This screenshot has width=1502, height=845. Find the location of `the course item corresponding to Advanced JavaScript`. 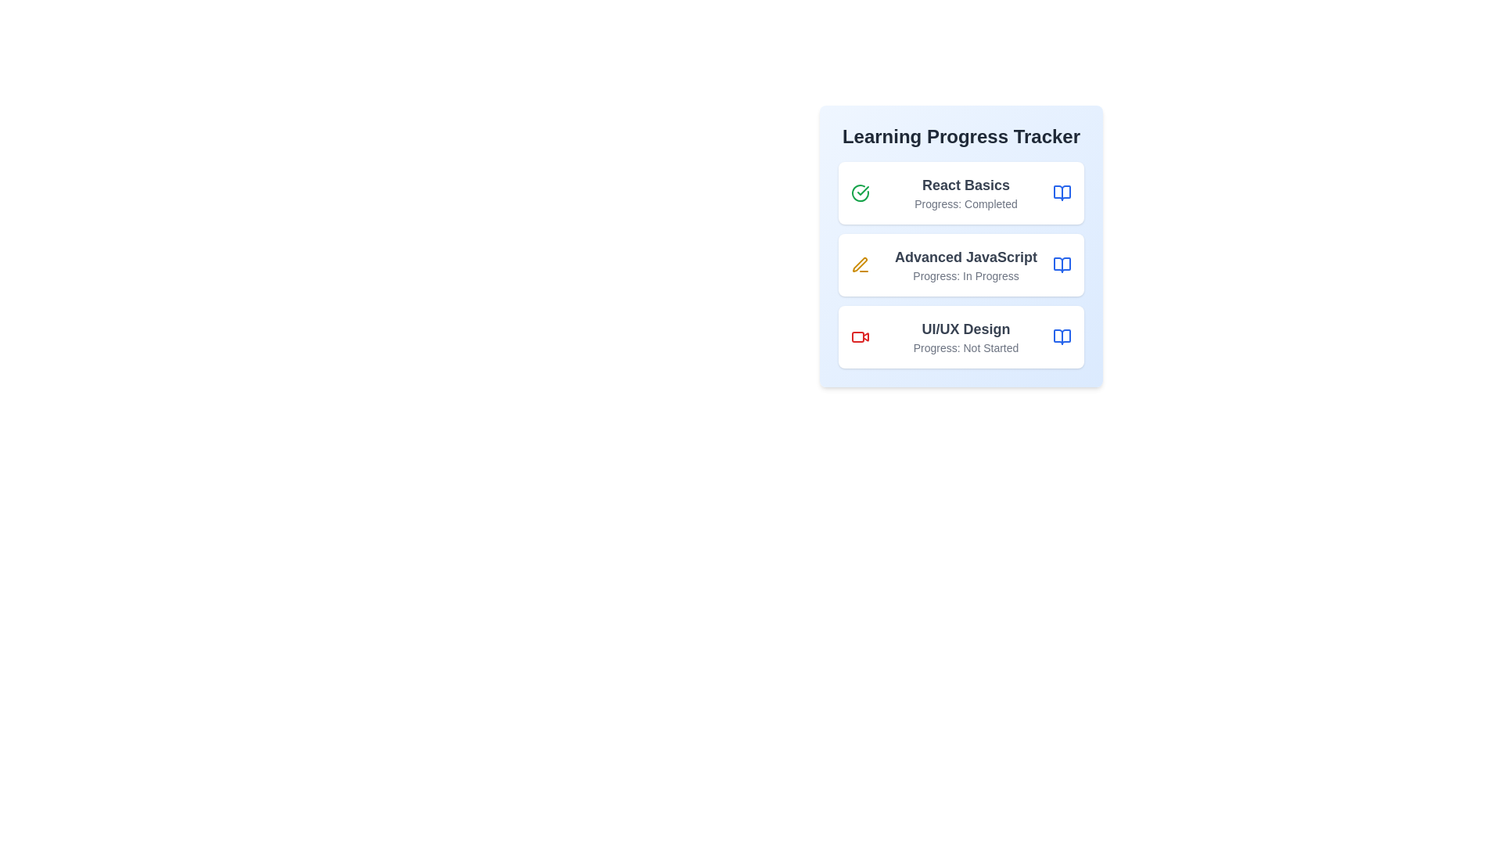

the course item corresponding to Advanced JavaScript is located at coordinates (960, 264).